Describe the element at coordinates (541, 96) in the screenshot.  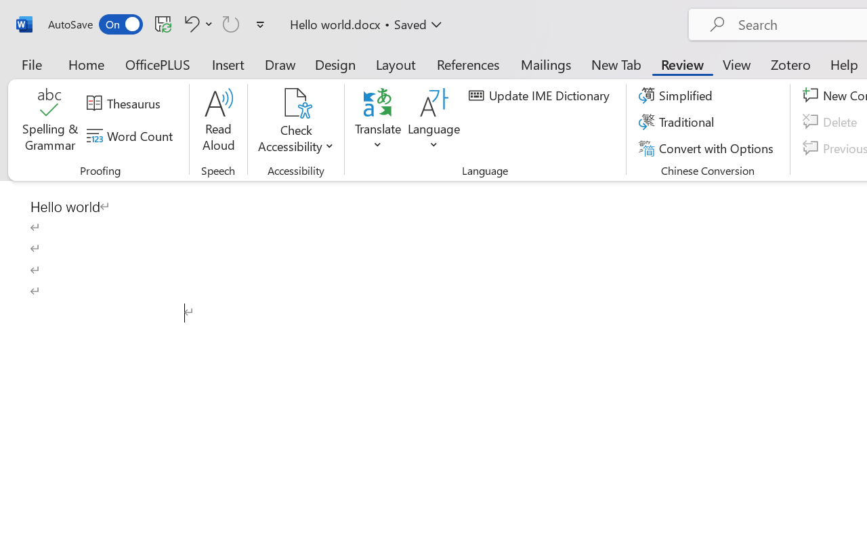
I see `'Update IME Dictionary...'` at that location.